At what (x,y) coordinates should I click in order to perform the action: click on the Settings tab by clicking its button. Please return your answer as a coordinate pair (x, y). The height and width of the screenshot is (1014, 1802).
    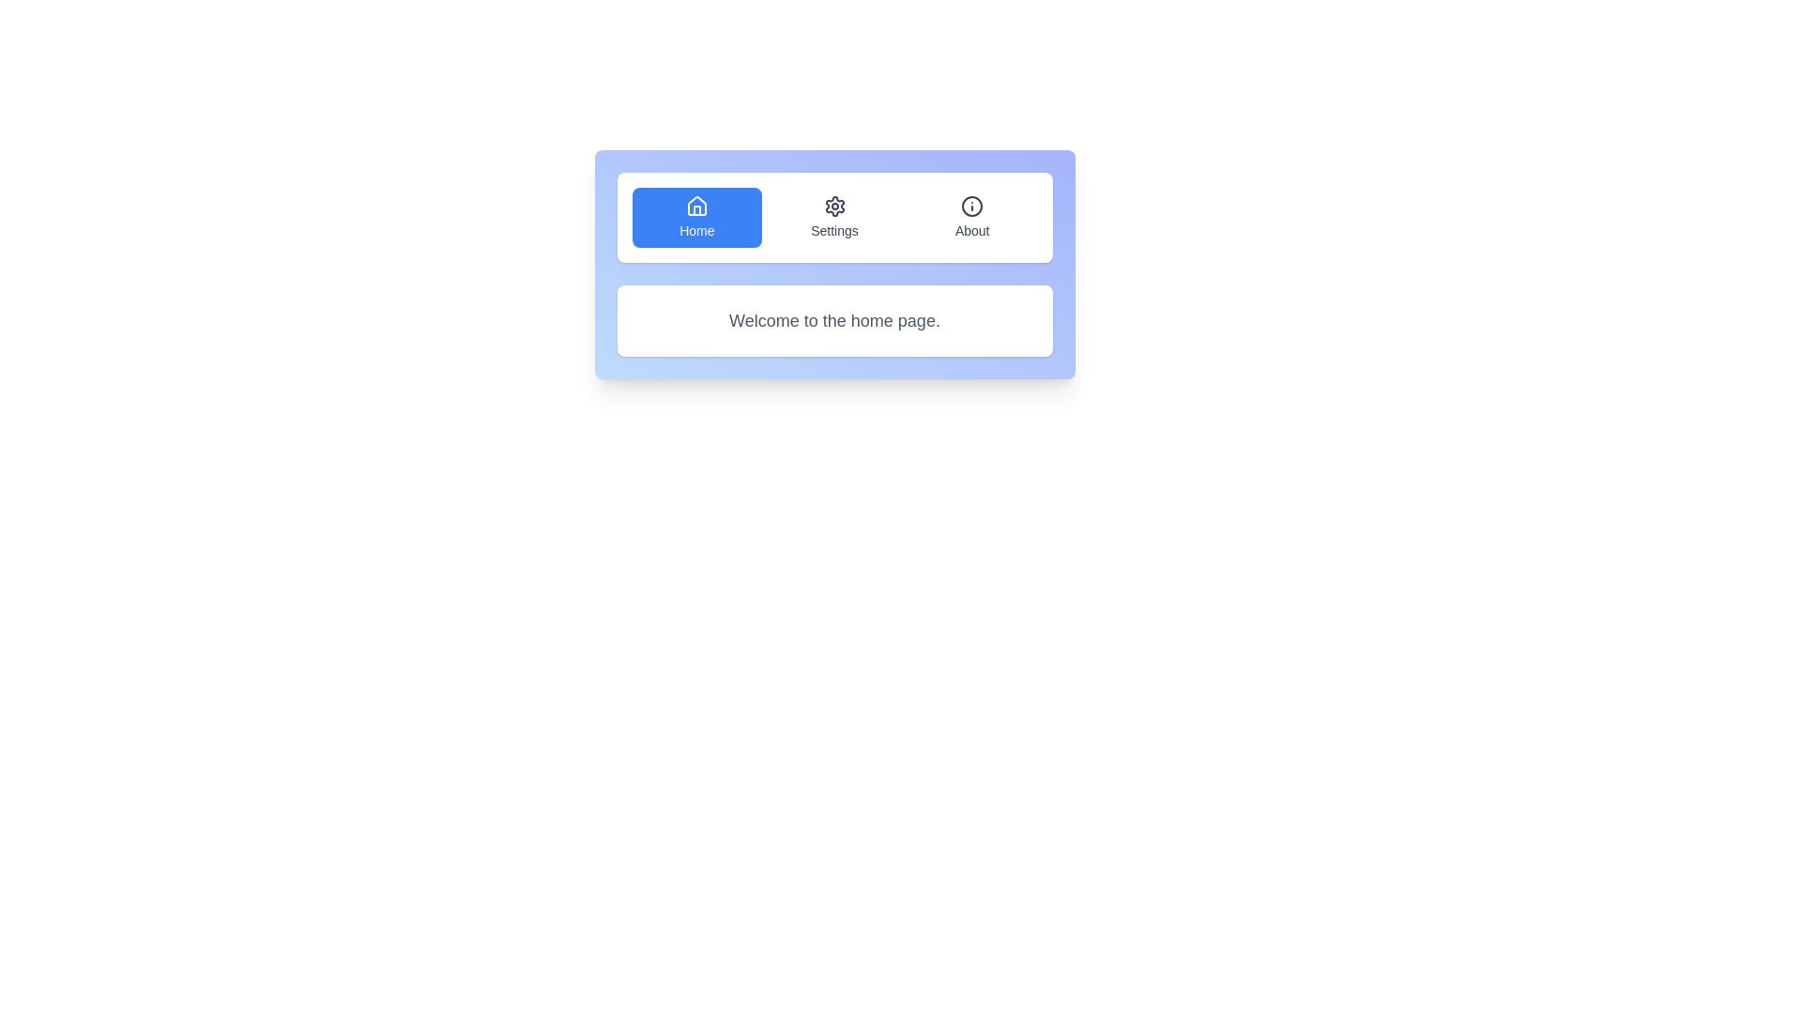
    Looking at the image, I should click on (833, 216).